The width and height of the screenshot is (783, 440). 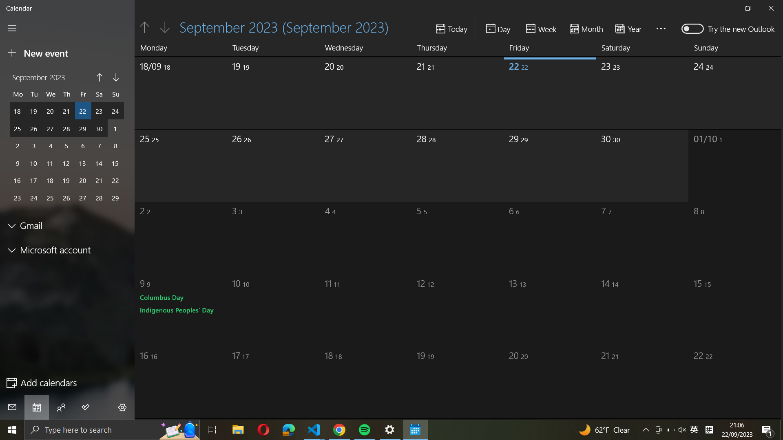 I want to click on Adjust the current view setting to "Year, so click(x=631, y=28).